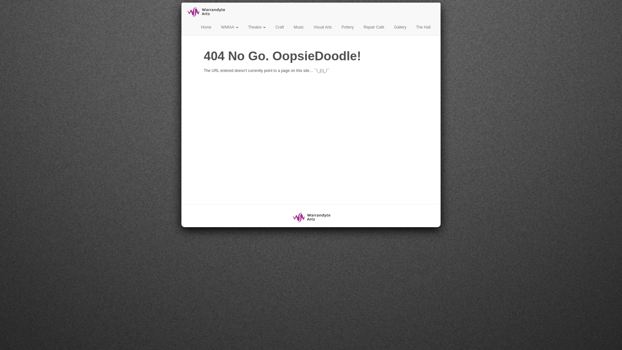 The image size is (622, 350). What do you see at coordinates (229, 27) in the screenshot?
I see `'WMIAA'` at bounding box center [229, 27].